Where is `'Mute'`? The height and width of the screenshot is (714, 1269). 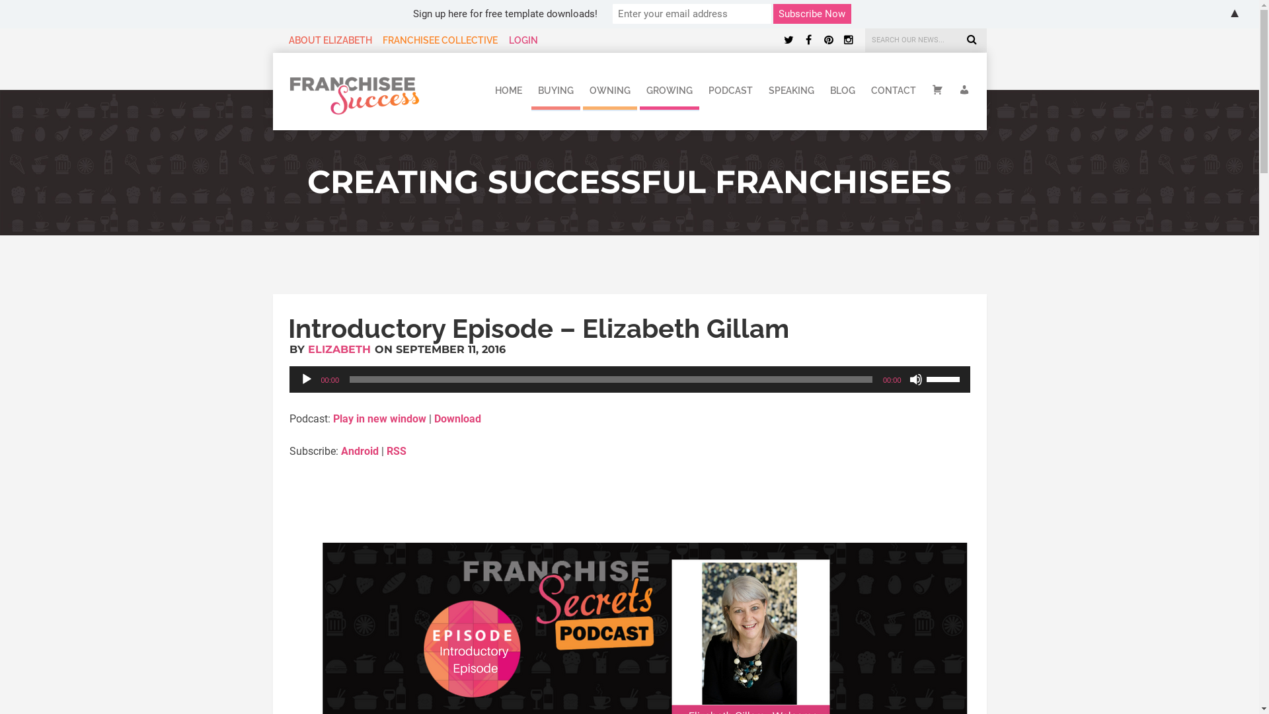 'Mute' is located at coordinates (915, 379).